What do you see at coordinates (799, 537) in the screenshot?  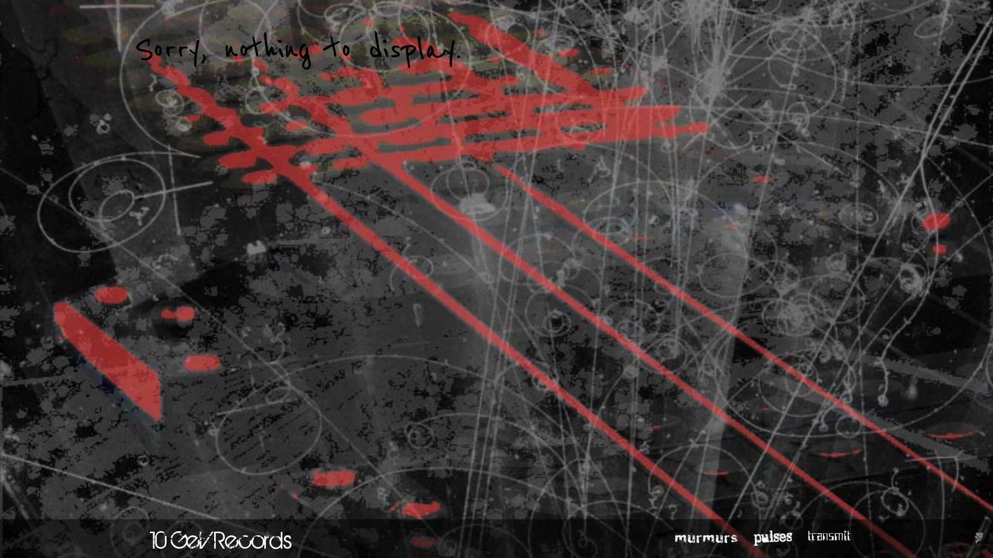 I see `'transmit'` at bounding box center [799, 537].